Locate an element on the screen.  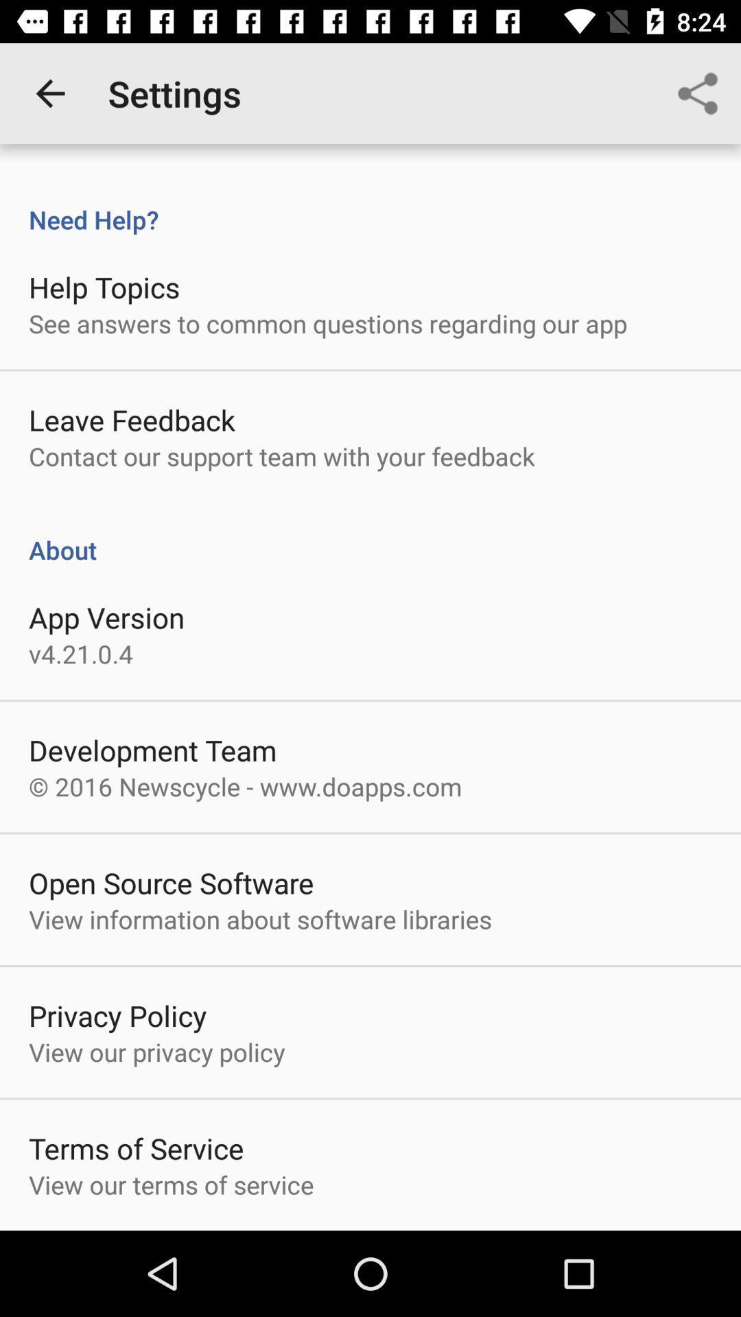
the icon below the need help? is located at coordinates (104, 286).